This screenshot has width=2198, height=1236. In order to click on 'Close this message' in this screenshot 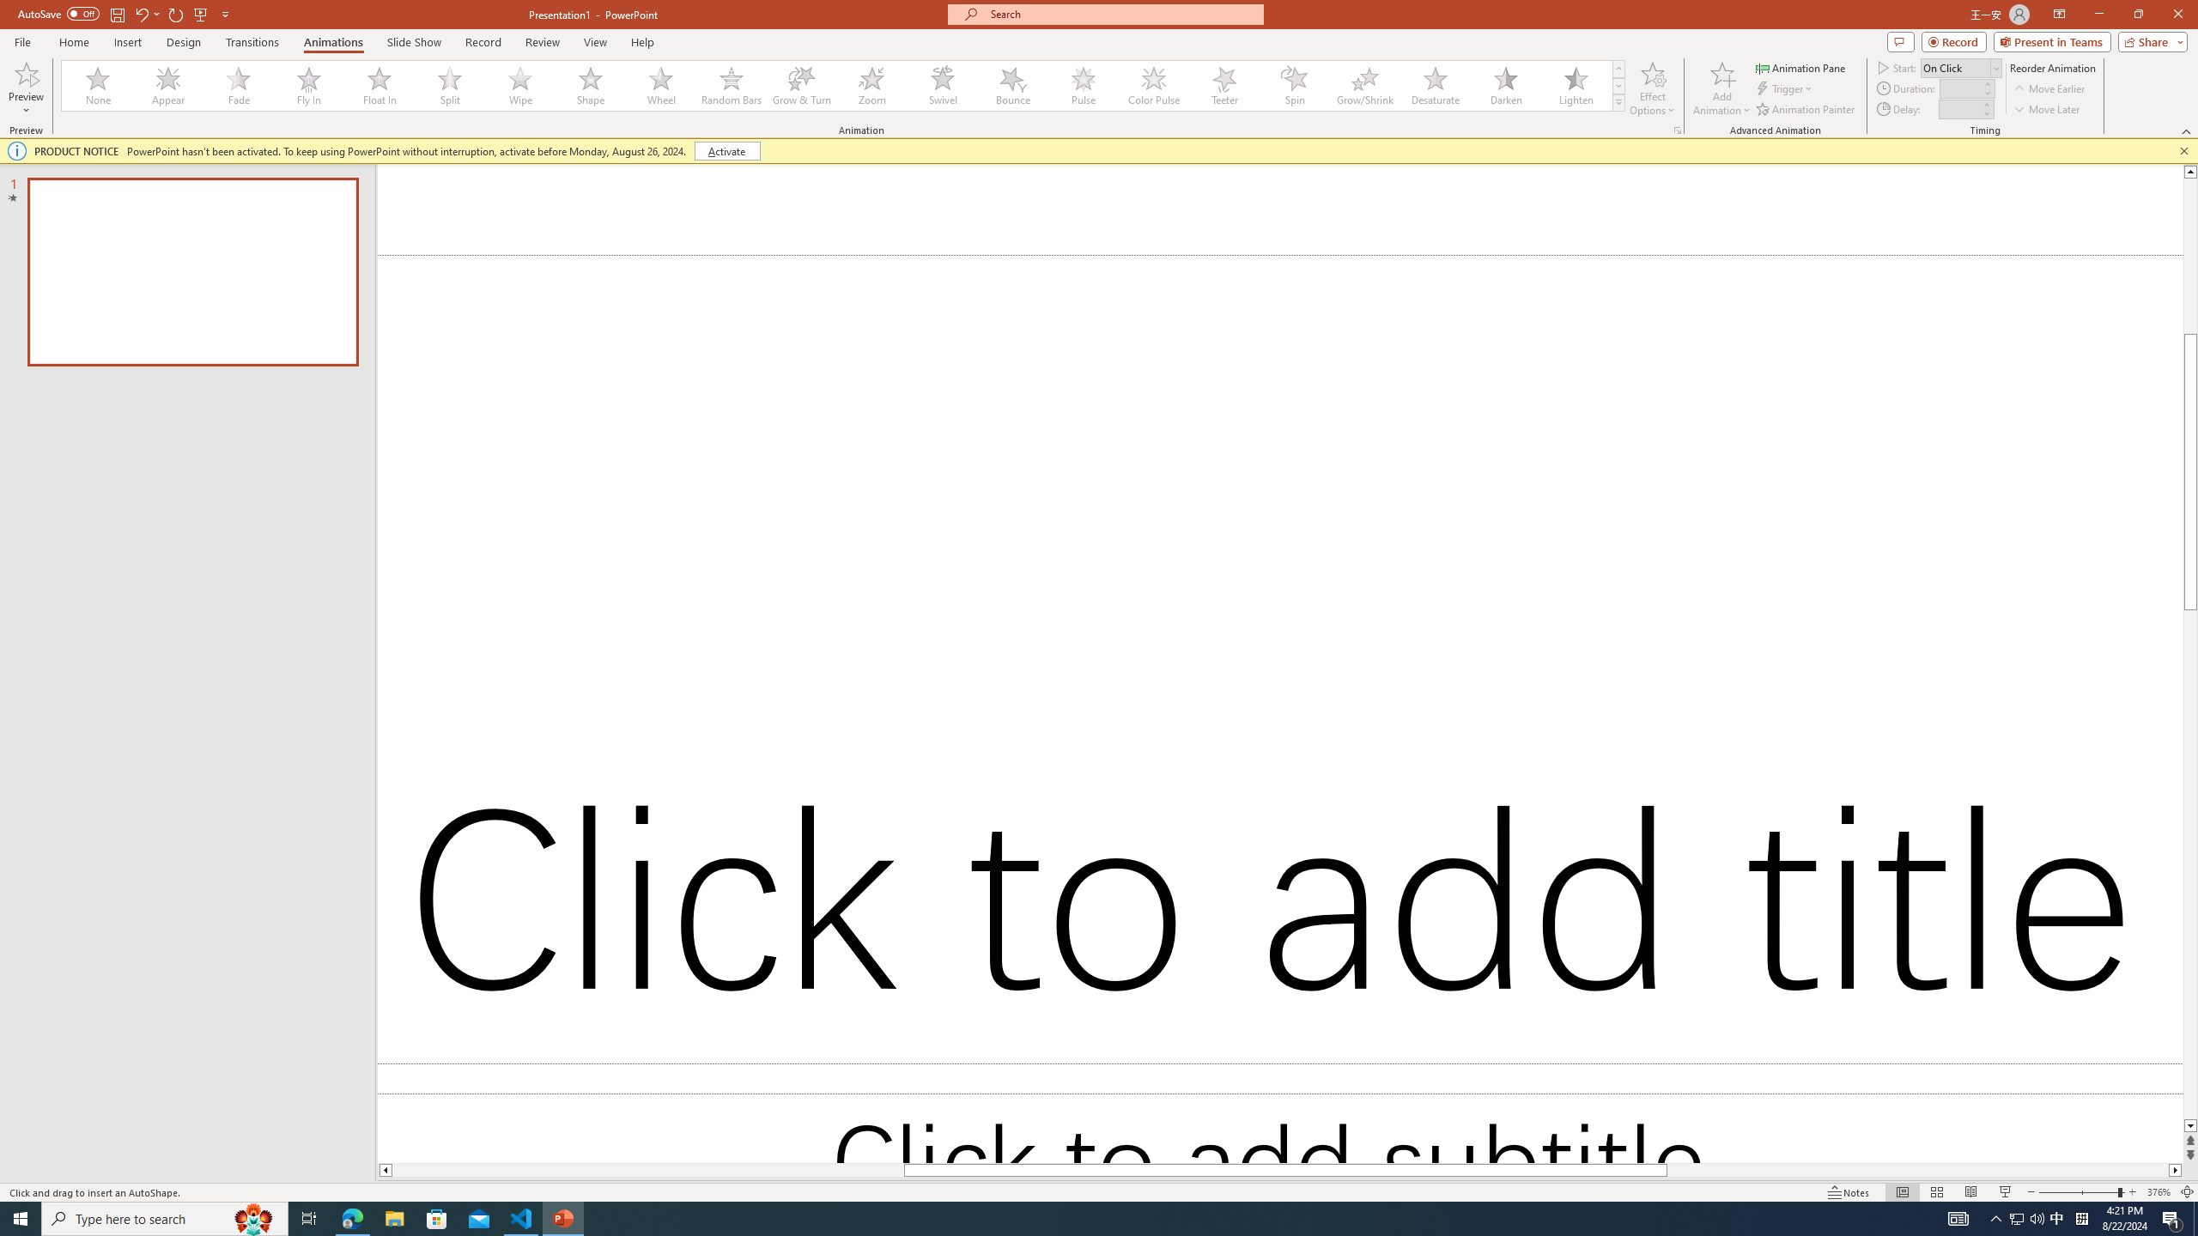, I will do `click(2183, 150)`.